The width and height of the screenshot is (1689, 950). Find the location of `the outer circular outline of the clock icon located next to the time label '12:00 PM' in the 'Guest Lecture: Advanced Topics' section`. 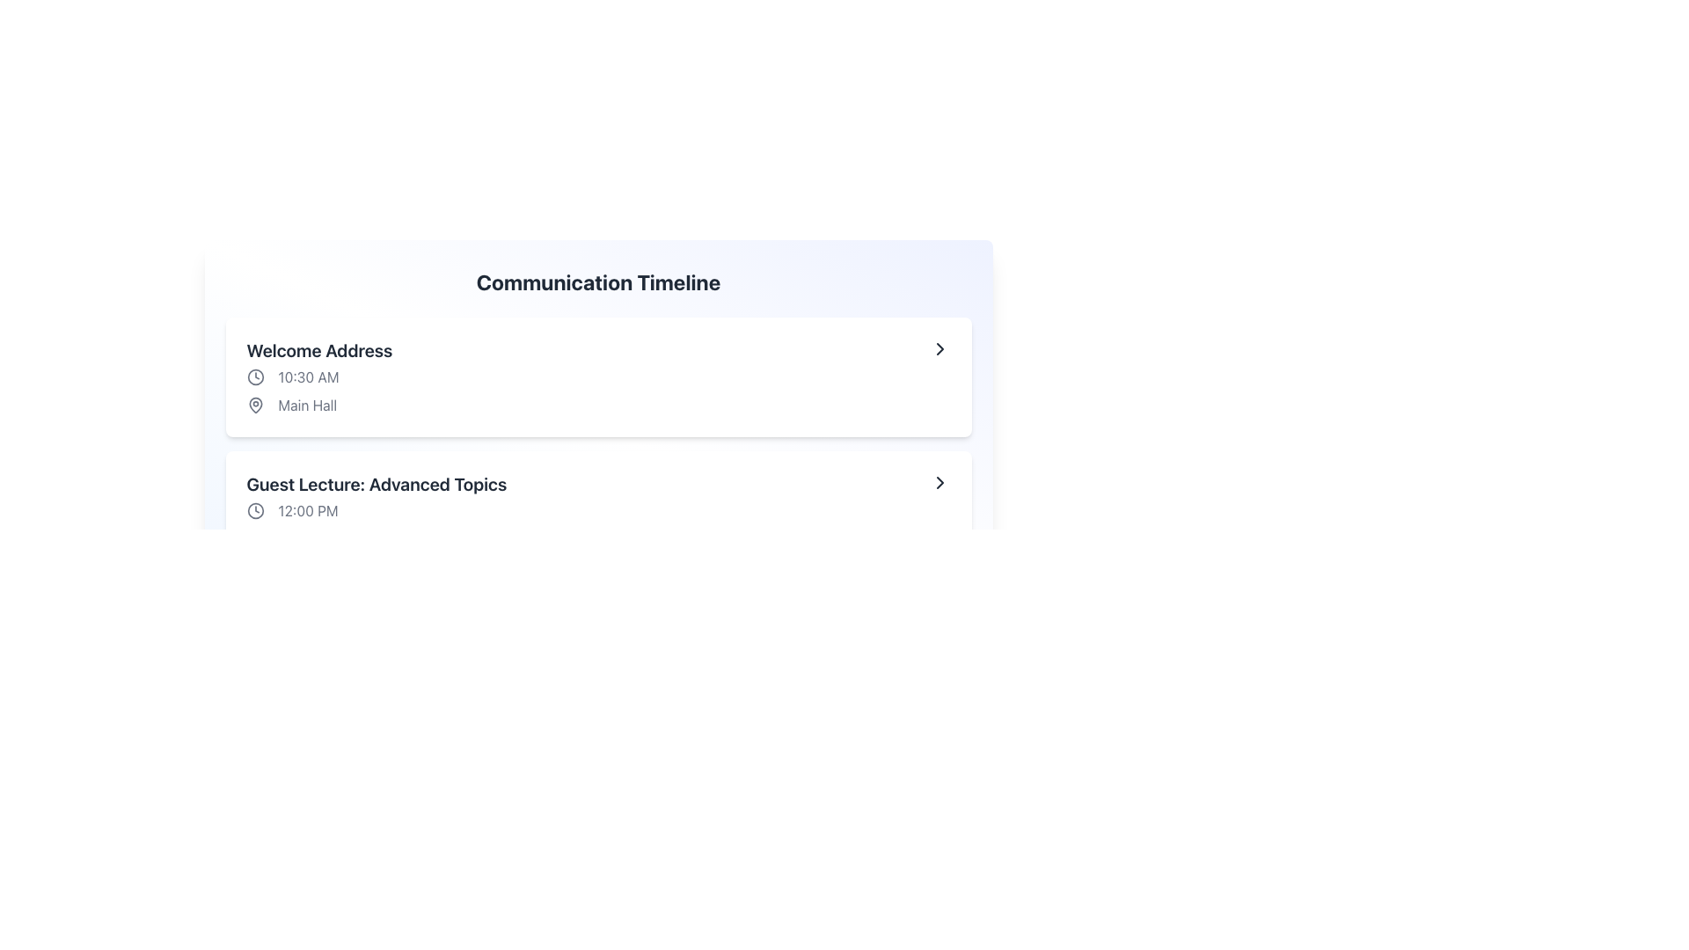

the outer circular outline of the clock icon located next to the time label '12:00 PM' in the 'Guest Lecture: Advanced Topics' section is located at coordinates (254, 511).